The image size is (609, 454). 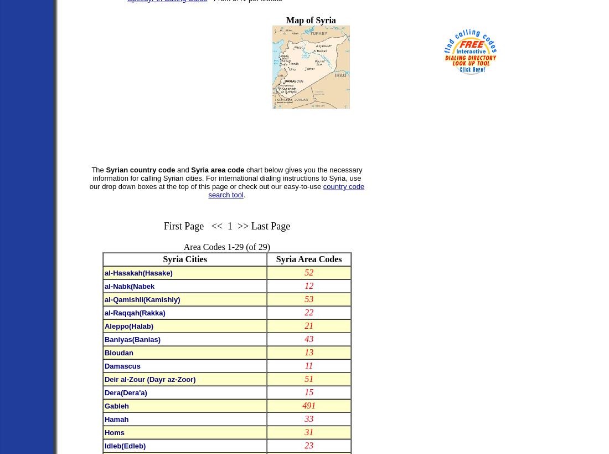 What do you see at coordinates (308, 259) in the screenshot?
I see `'Syria Area Codes'` at bounding box center [308, 259].